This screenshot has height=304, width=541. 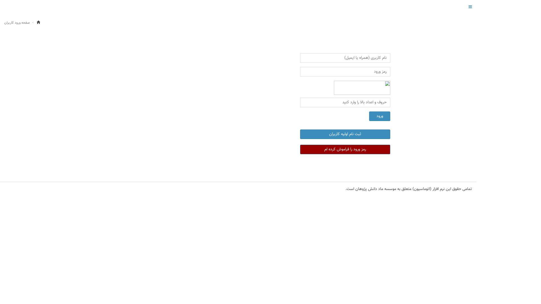 What do you see at coordinates (470, 7) in the screenshot?
I see `'Toggle navigation'` at bounding box center [470, 7].